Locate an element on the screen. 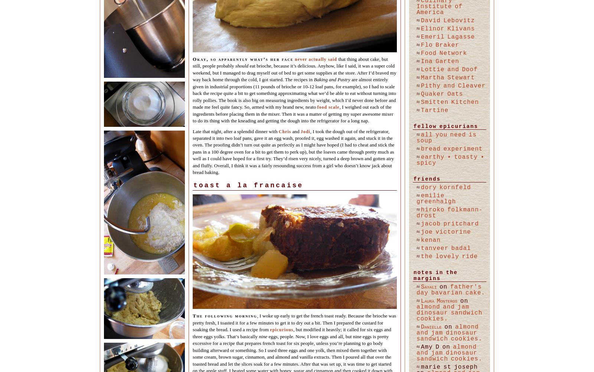 The height and width of the screenshot is (372, 594). 'David Lebovitz' is located at coordinates (447, 20).